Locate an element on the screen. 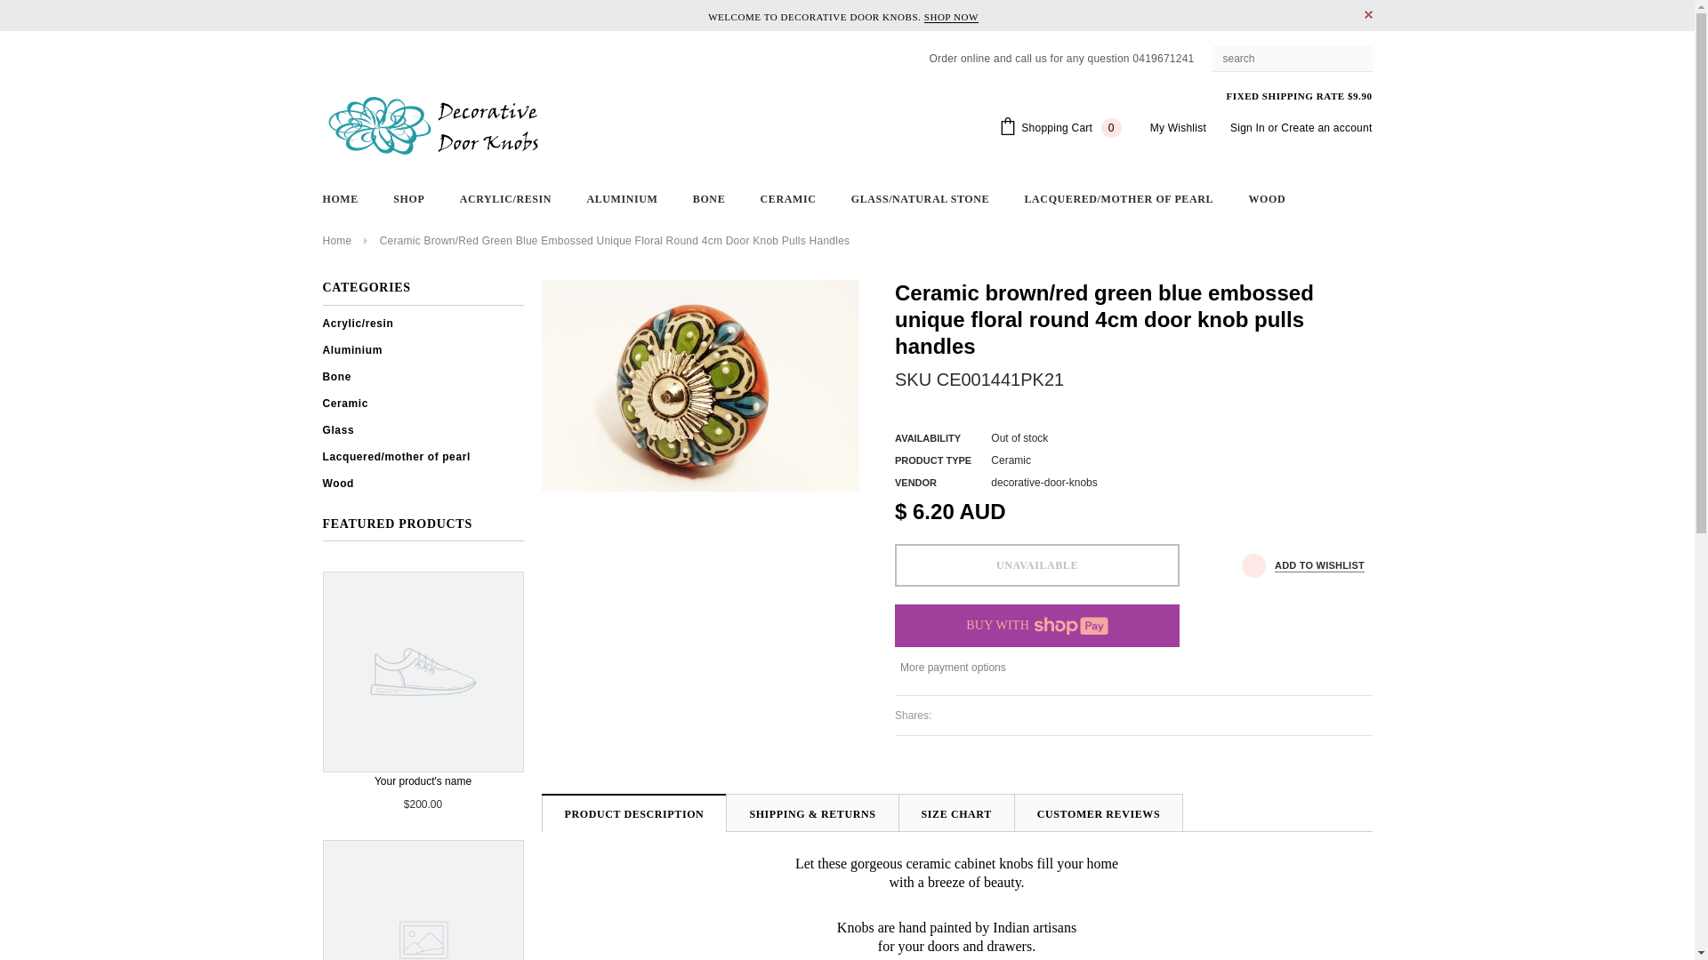 The image size is (1708, 960). 'LACQUERED/MOTHER OF PEARL' is located at coordinates (1118, 198).